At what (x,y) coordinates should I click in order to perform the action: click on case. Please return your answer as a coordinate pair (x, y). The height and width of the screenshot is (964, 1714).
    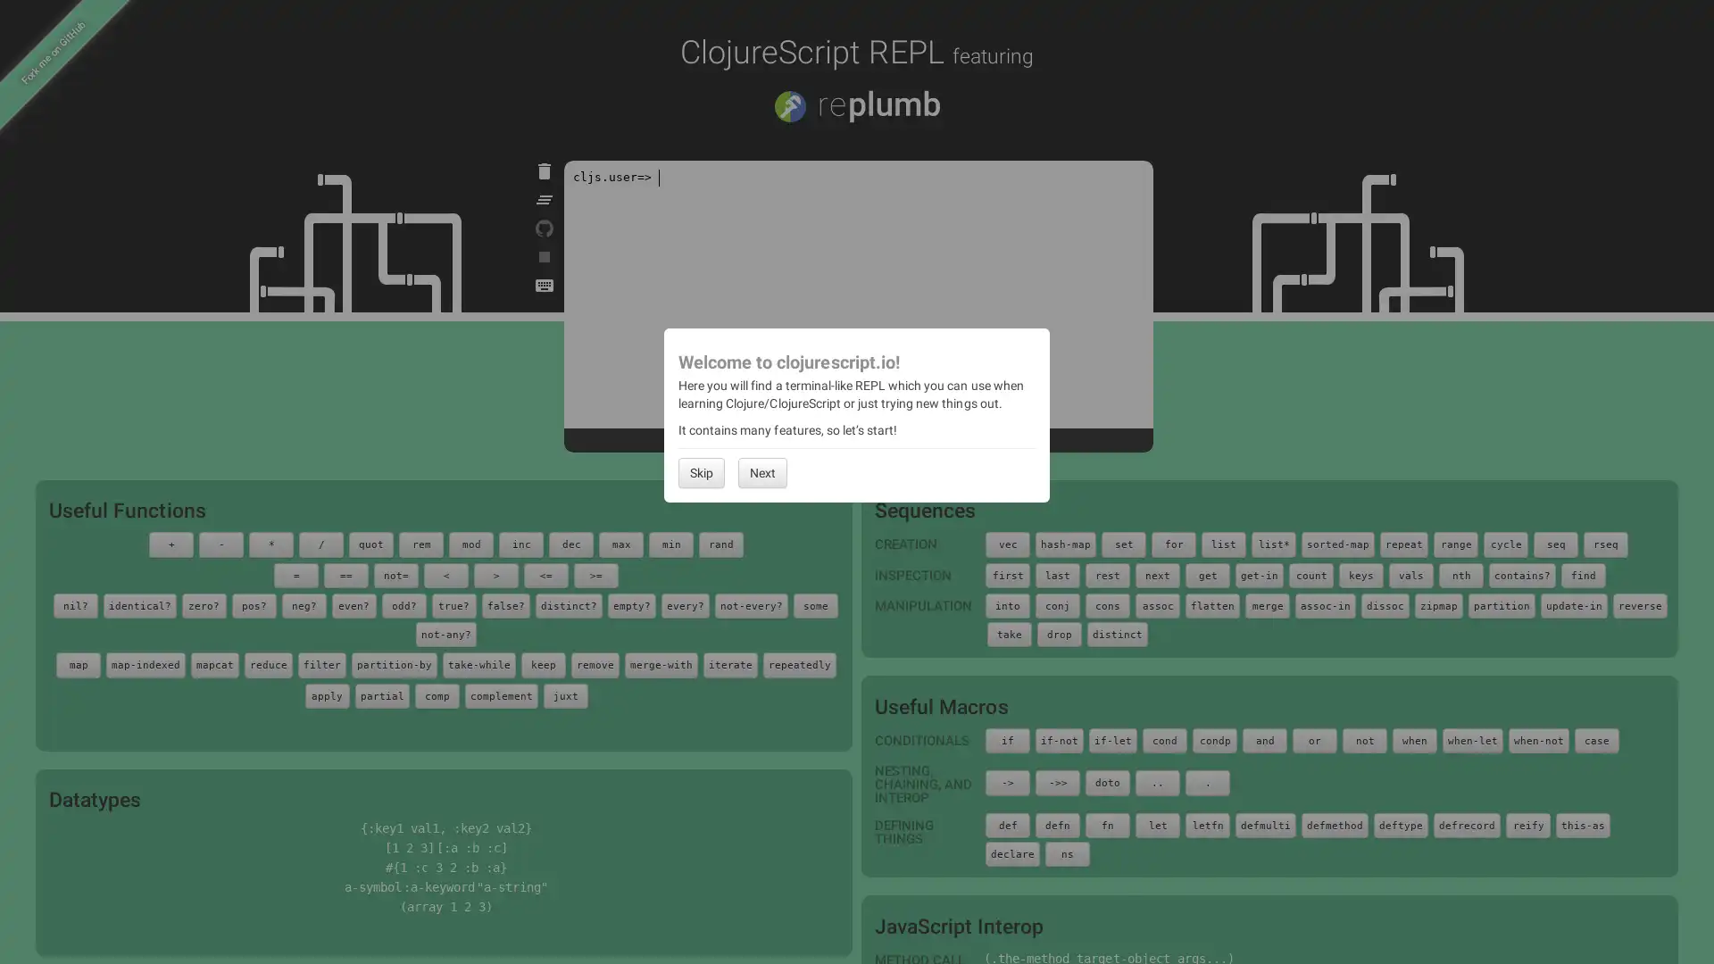
    Looking at the image, I should click on (1597, 740).